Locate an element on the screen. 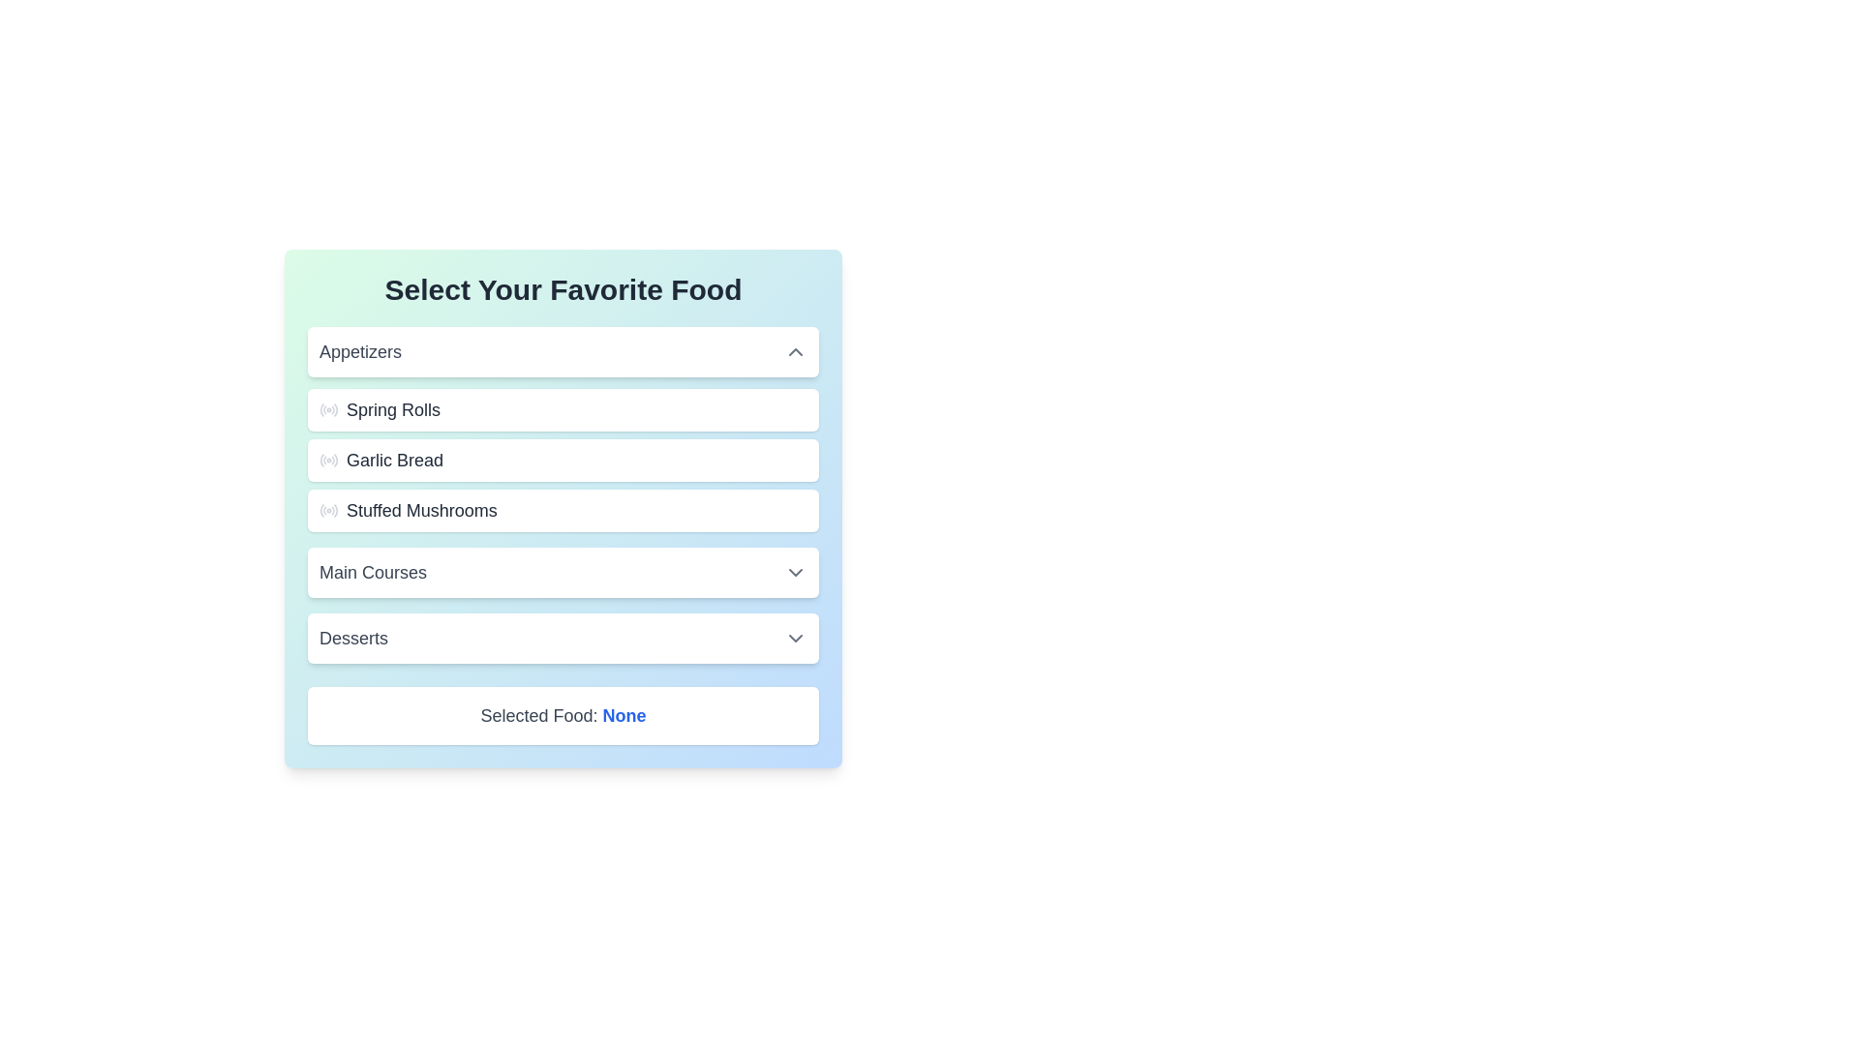  the 'Spring Rolls' text label, which is displayed in gray (#808080) with medium font weight and large size, positioned as the second item under 'Appetizers' is located at coordinates (392, 409).